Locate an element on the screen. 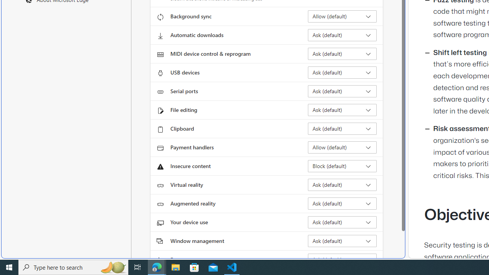 Image resolution: width=489 pixels, height=275 pixels. 'File editing Ask (default)' is located at coordinates (342, 110).